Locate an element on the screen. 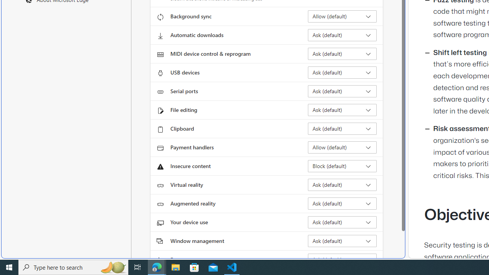 Image resolution: width=489 pixels, height=275 pixels. 'File editing Ask (default)' is located at coordinates (342, 110).